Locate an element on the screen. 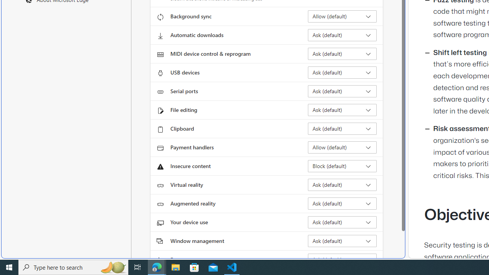 Image resolution: width=489 pixels, height=275 pixels. 'File editing Ask (default)' is located at coordinates (342, 110).